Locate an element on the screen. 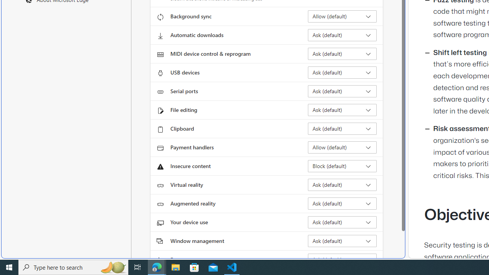 Image resolution: width=489 pixels, height=275 pixels. 'File editing Ask (default)' is located at coordinates (342, 110).